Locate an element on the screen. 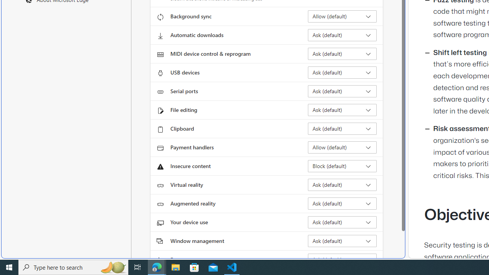 Image resolution: width=489 pixels, height=275 pixels. 'File editing Ask (default)' is located at coordinates (342, 110).